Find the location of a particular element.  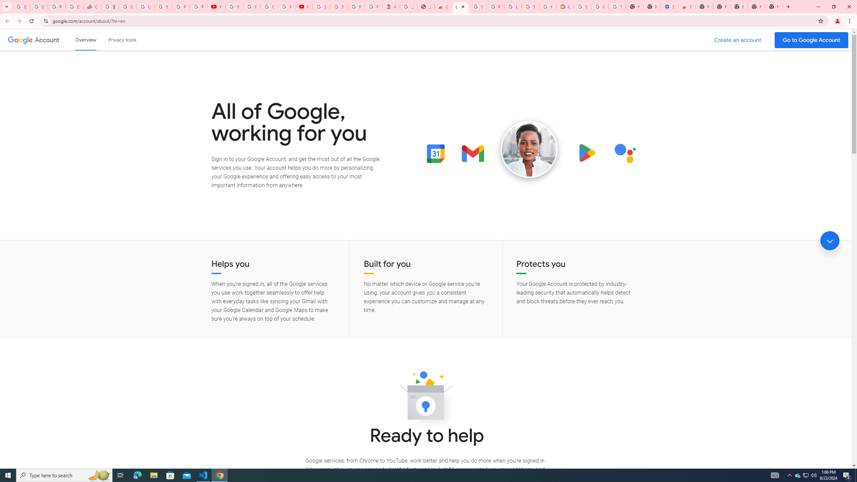

'Currencies - Google Finance' is located at coordinates (92, 6).